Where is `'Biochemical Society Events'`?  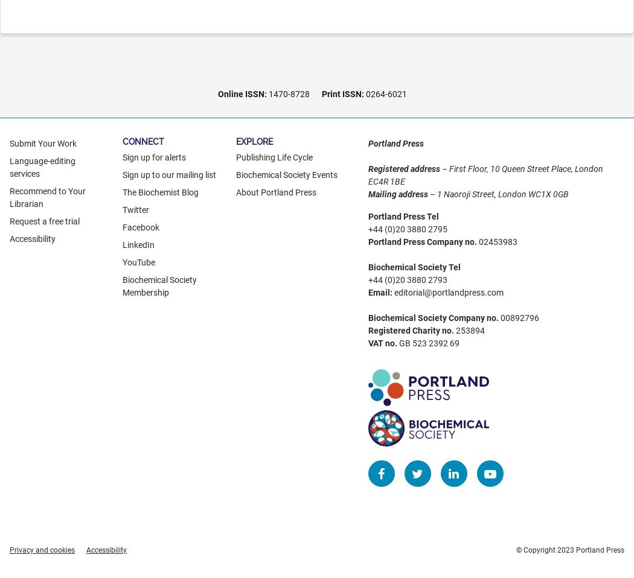 'Biochemical Society Events' is located at coordinates (286, 174).